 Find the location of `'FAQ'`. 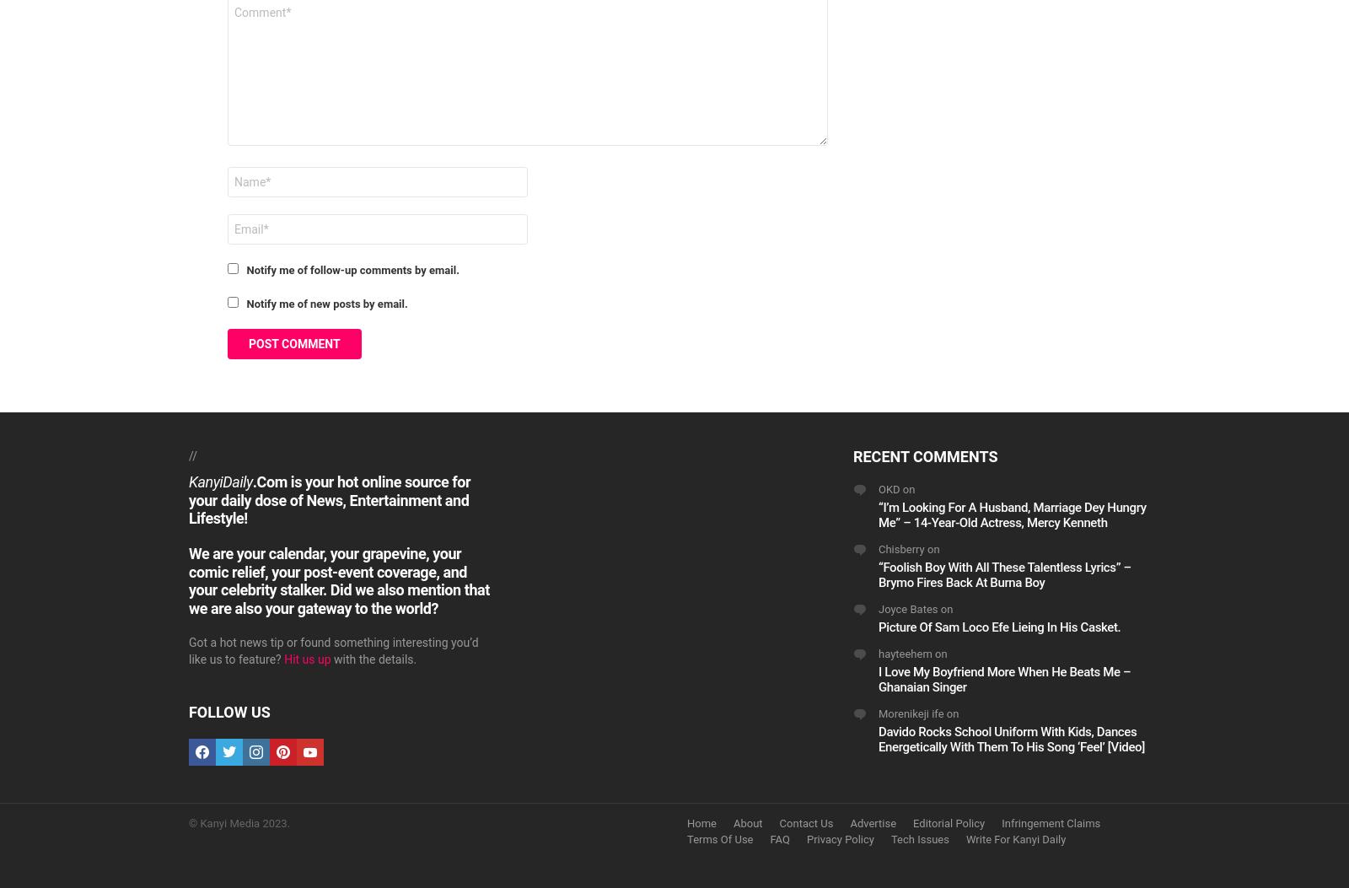

'FAQ' is located at coordinates (778, 839).